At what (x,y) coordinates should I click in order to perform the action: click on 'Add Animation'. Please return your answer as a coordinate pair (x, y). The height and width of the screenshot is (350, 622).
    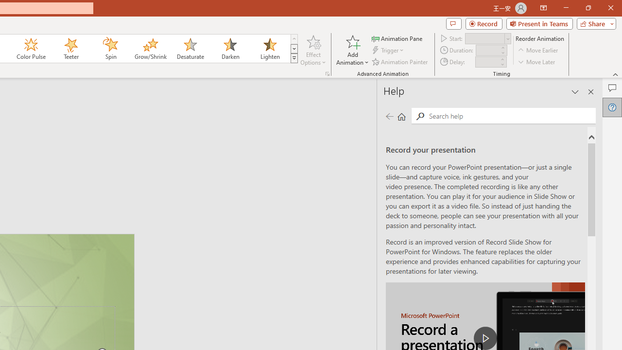
    Looking at the image, I should click on (352, 50).